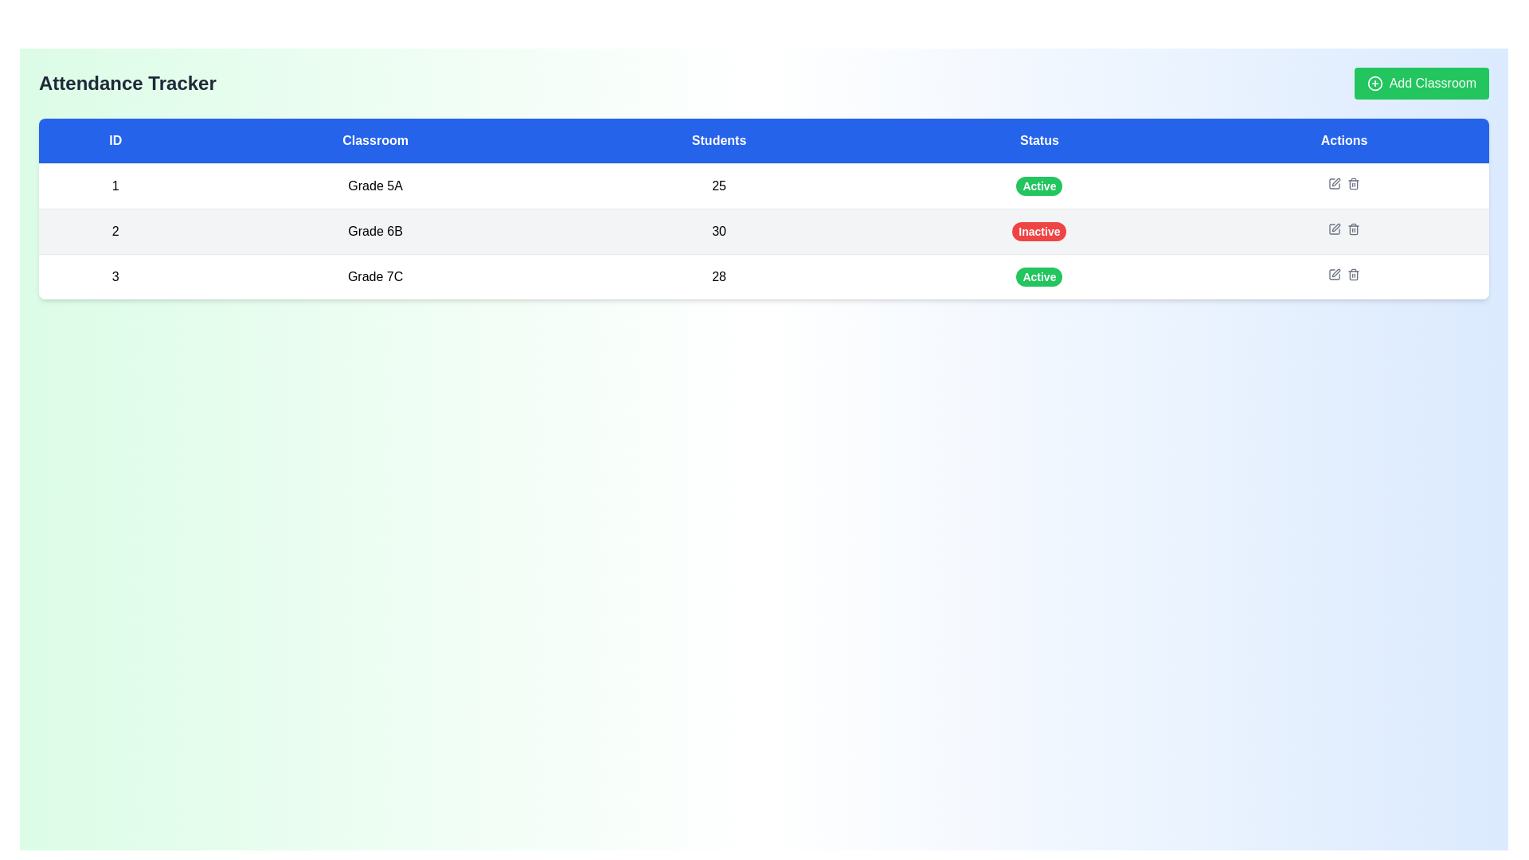 This screenshot has width=1529, height=860. I want to click on the pill-shaped badge labeled 'Active' in white font on a green background, located in the 'Status' column of the third row in the table, which aligns with the entry 'Grade 7C' under 'Classroom', so click(1039, 276).